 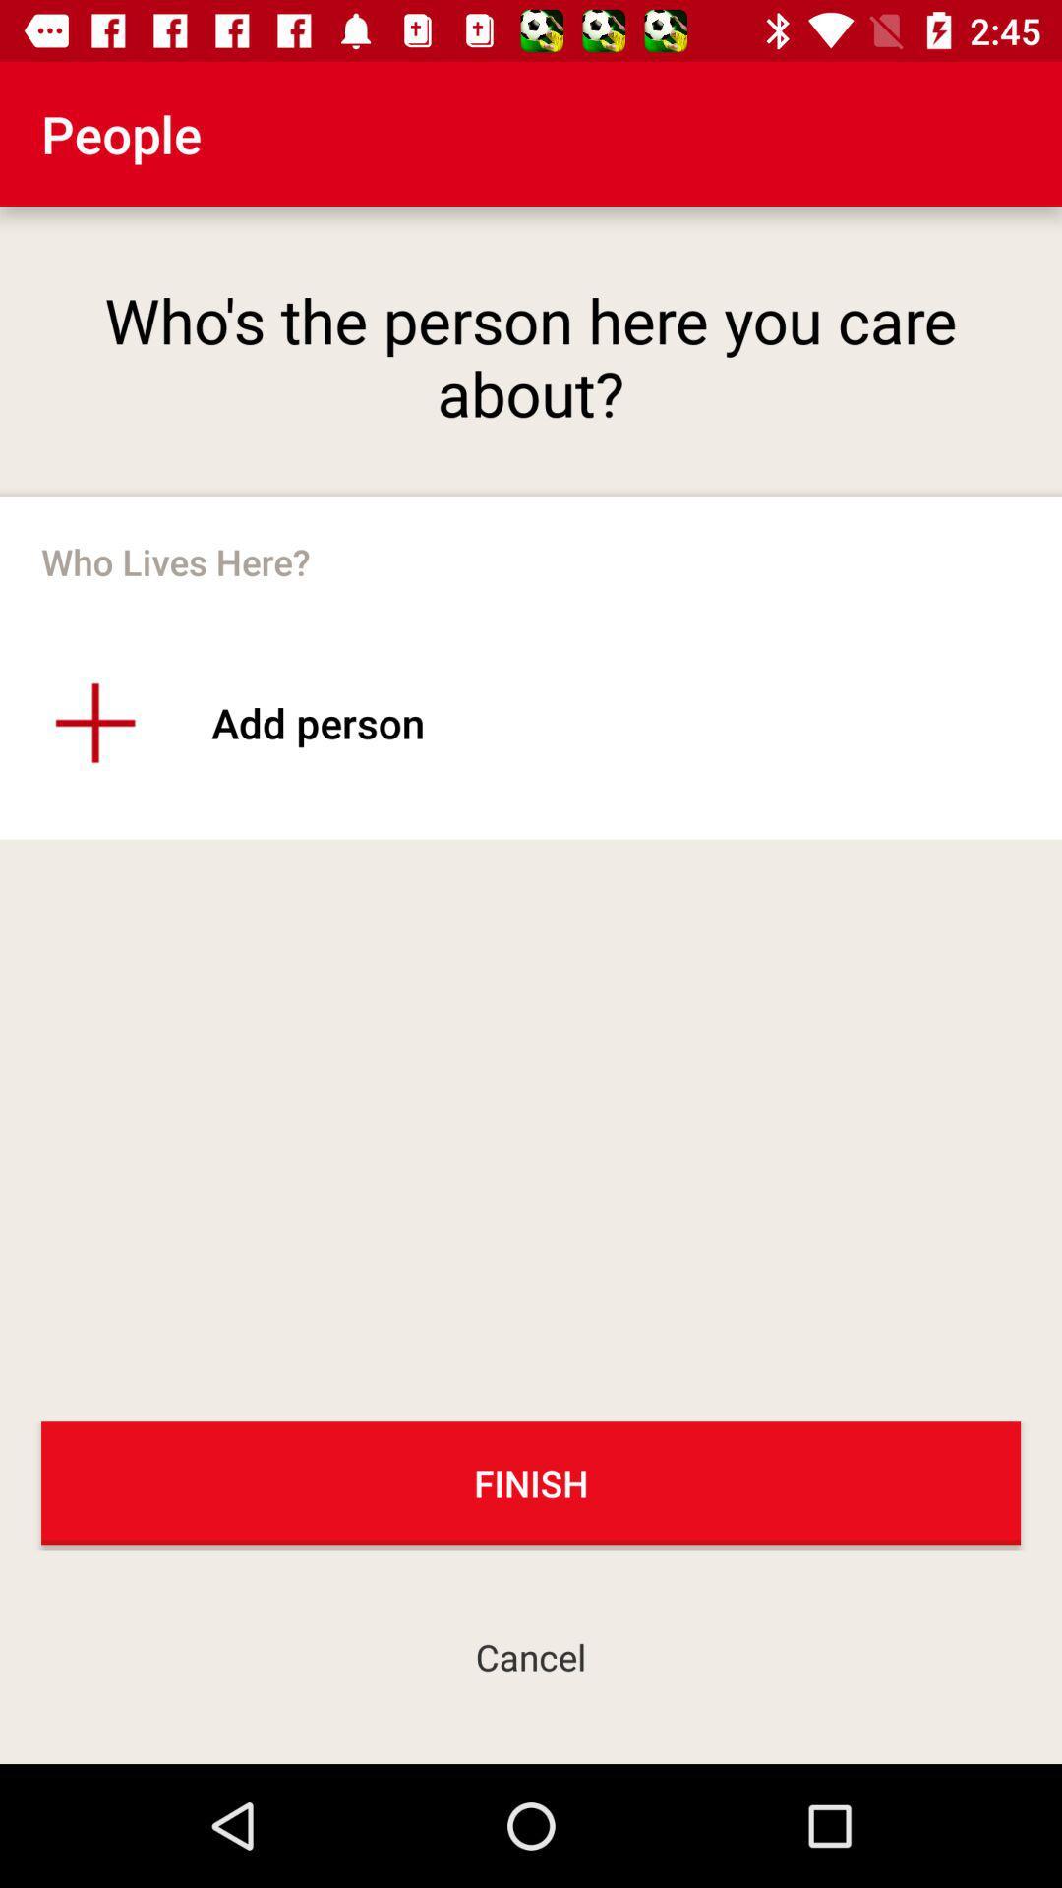 I want to click on cancel icon, so click(x=531, y=1656).